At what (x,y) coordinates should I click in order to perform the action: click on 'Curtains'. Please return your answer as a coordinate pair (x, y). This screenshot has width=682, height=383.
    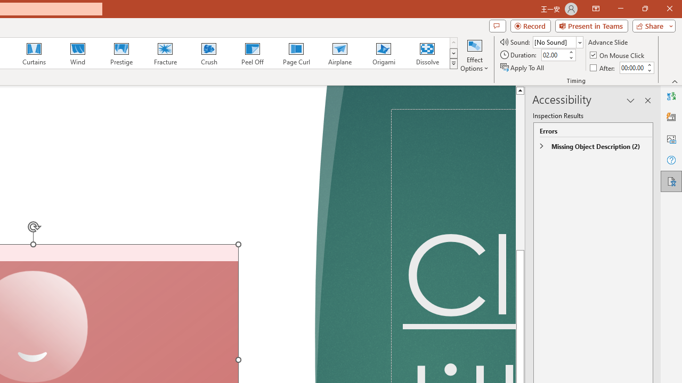
    Looking at the image, I should click on (34, 53).